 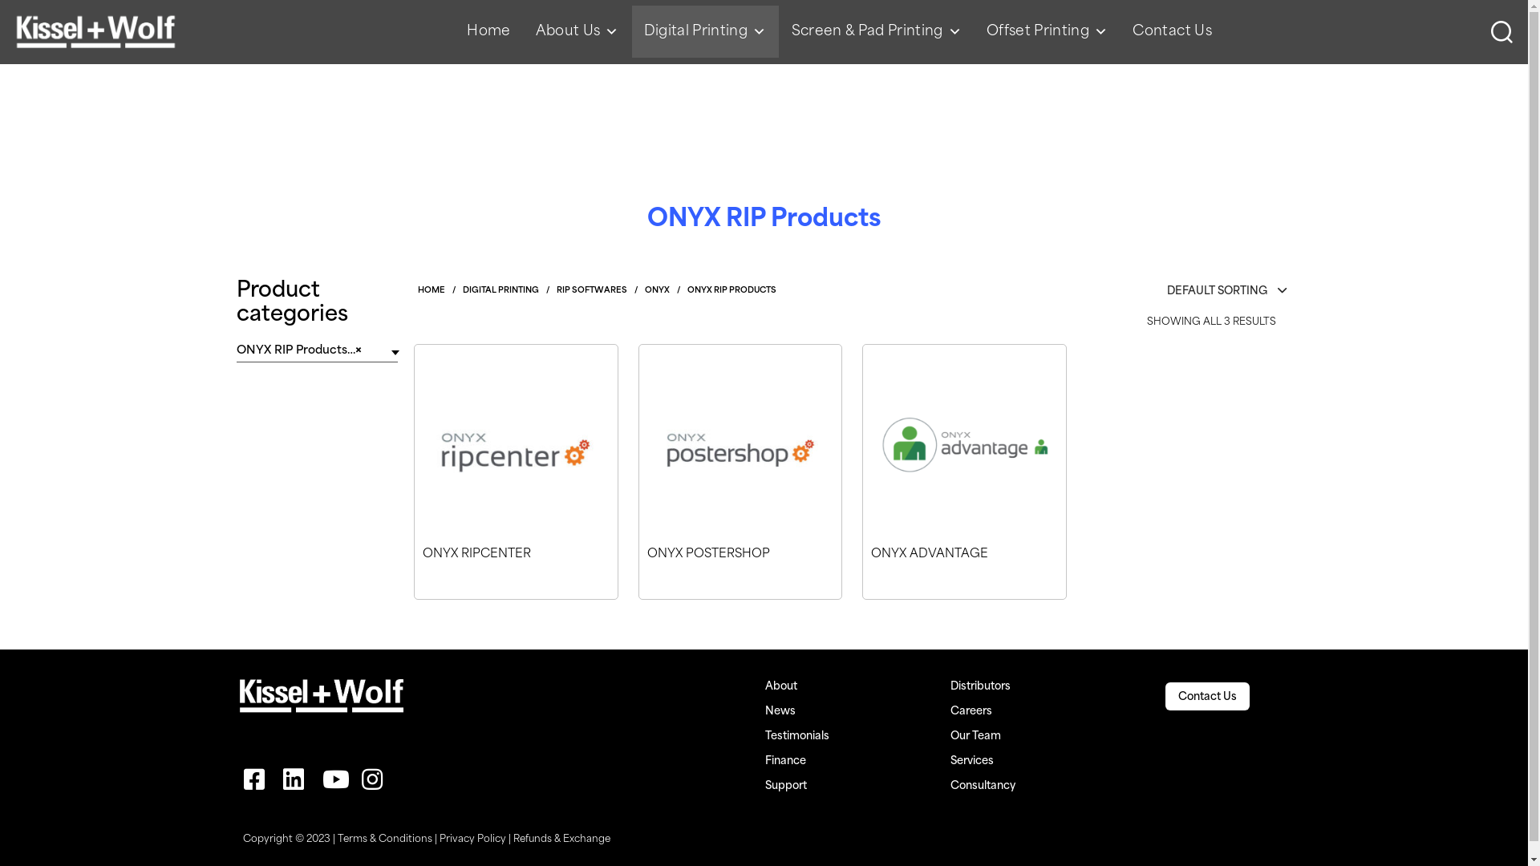 I want to click on 'DIGITAL PRINTING', so click(x=500, y=290).